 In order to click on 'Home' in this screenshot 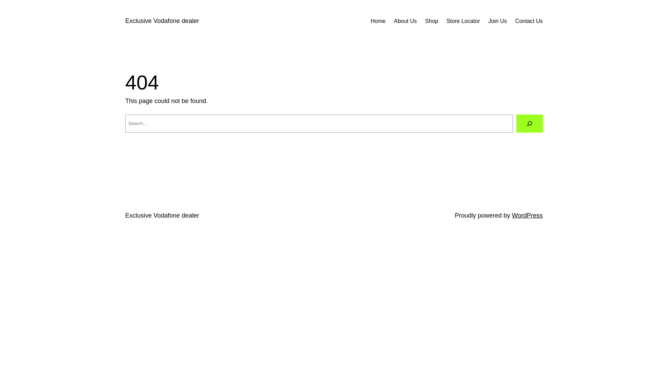, I will do `click(378, 21)`.